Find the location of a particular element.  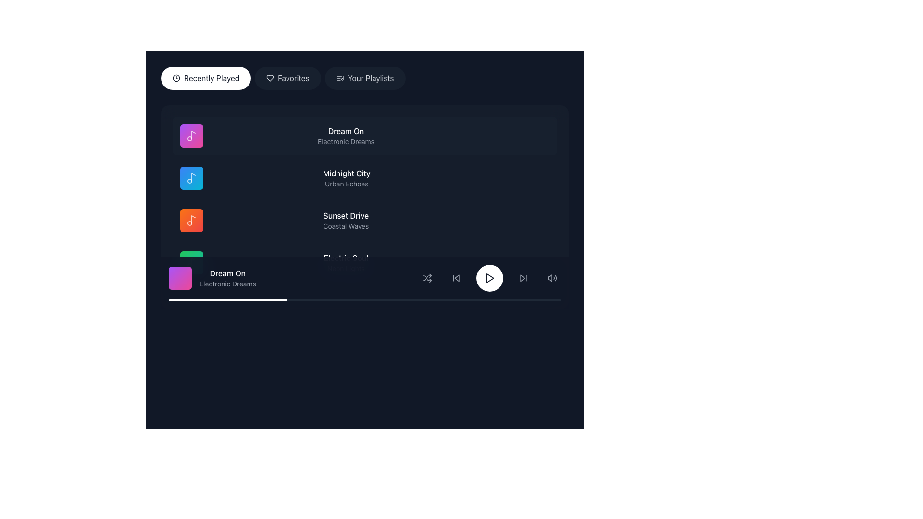

the circular play button, which has a white background and a black play icon, located centrally in the player controls bar is located at coordinates (489, 278).